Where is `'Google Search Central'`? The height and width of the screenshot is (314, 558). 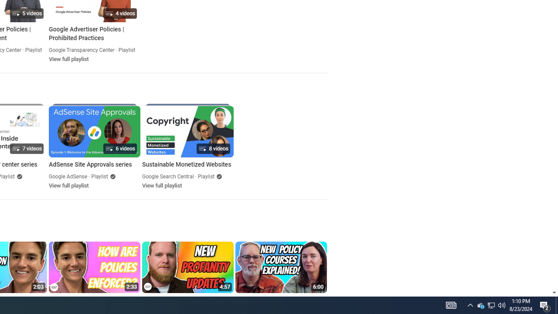
'Google Search Central' is located at coordinates (168, 177).